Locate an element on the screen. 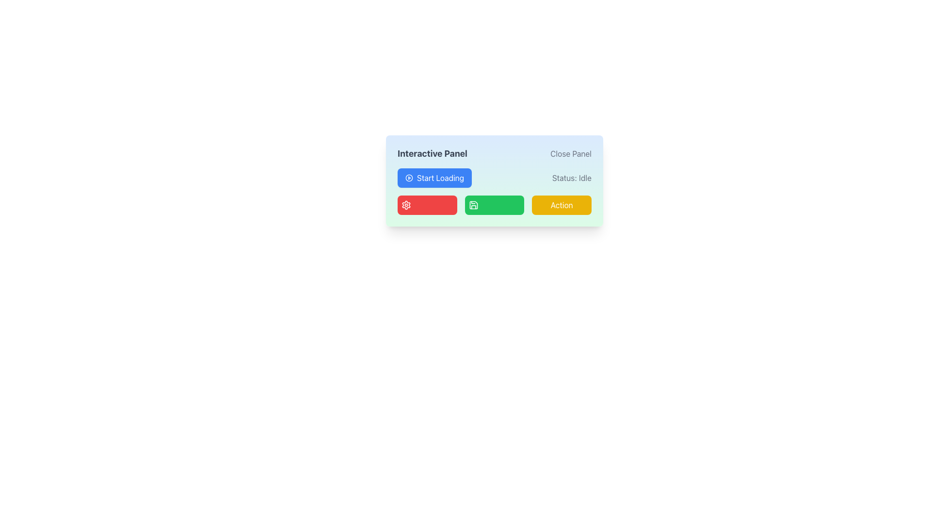 The height and width of the screenshot is (524, 931). the behavior of the circular graphical component located at the center of the play button icon, which is situated to the left of the 'Start Loading' button is located at coordinates (409, 178).